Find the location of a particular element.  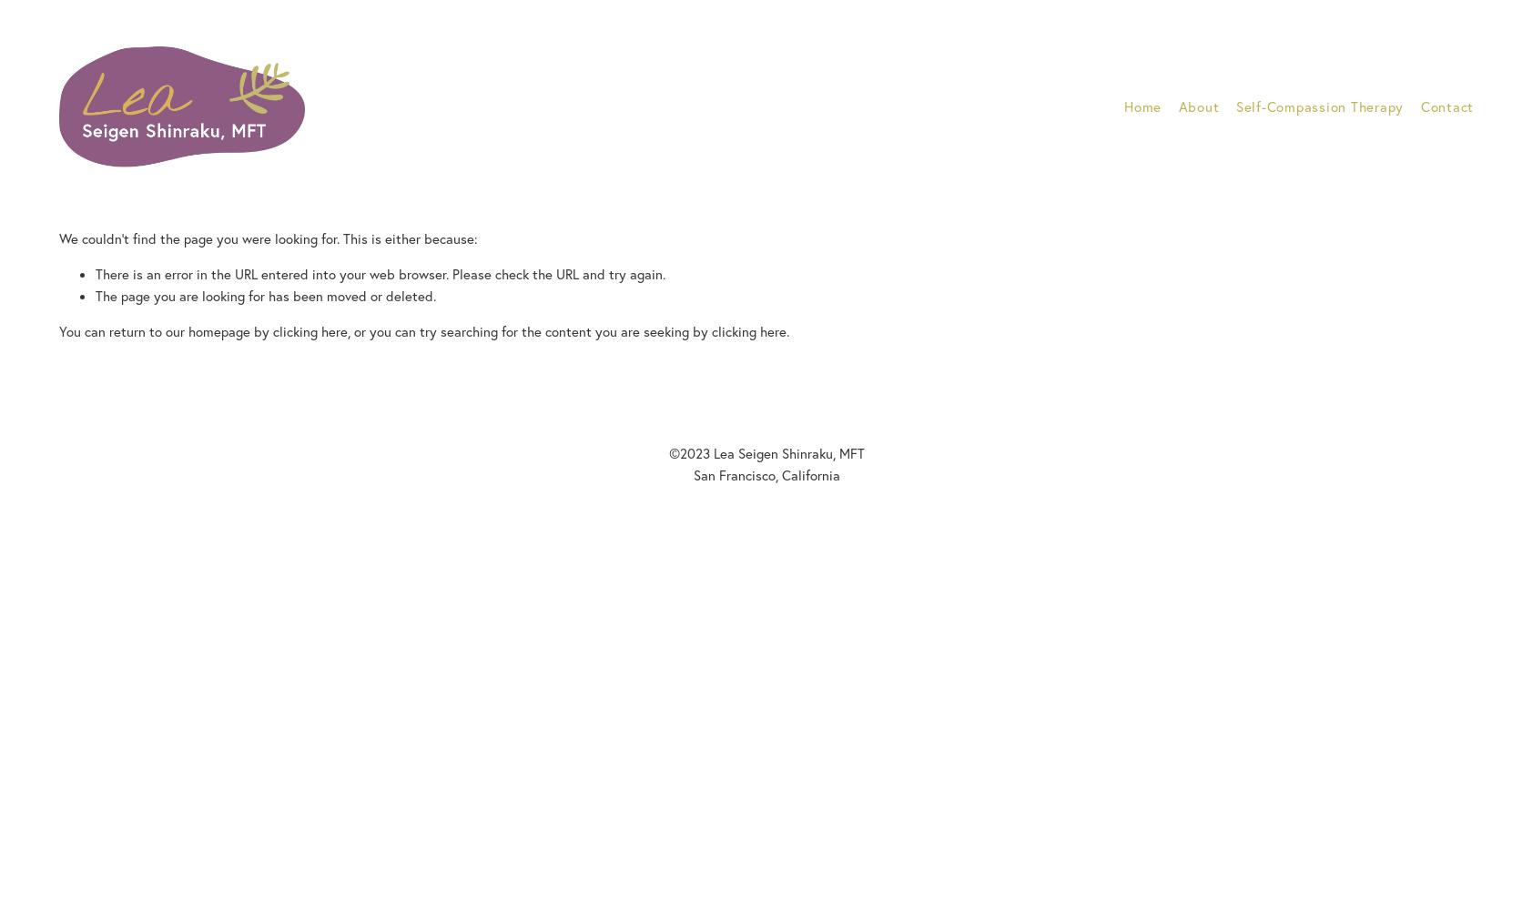

'There is an error in the URL entered into your web browser. Please check the URL and try again.' is located at coordinates (95, 273).